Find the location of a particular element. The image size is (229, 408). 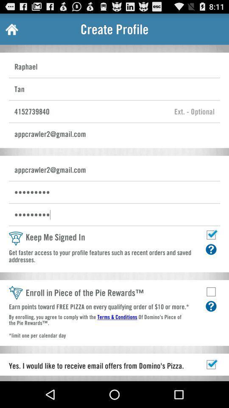

the help icon is located at coordinates (210, 266).